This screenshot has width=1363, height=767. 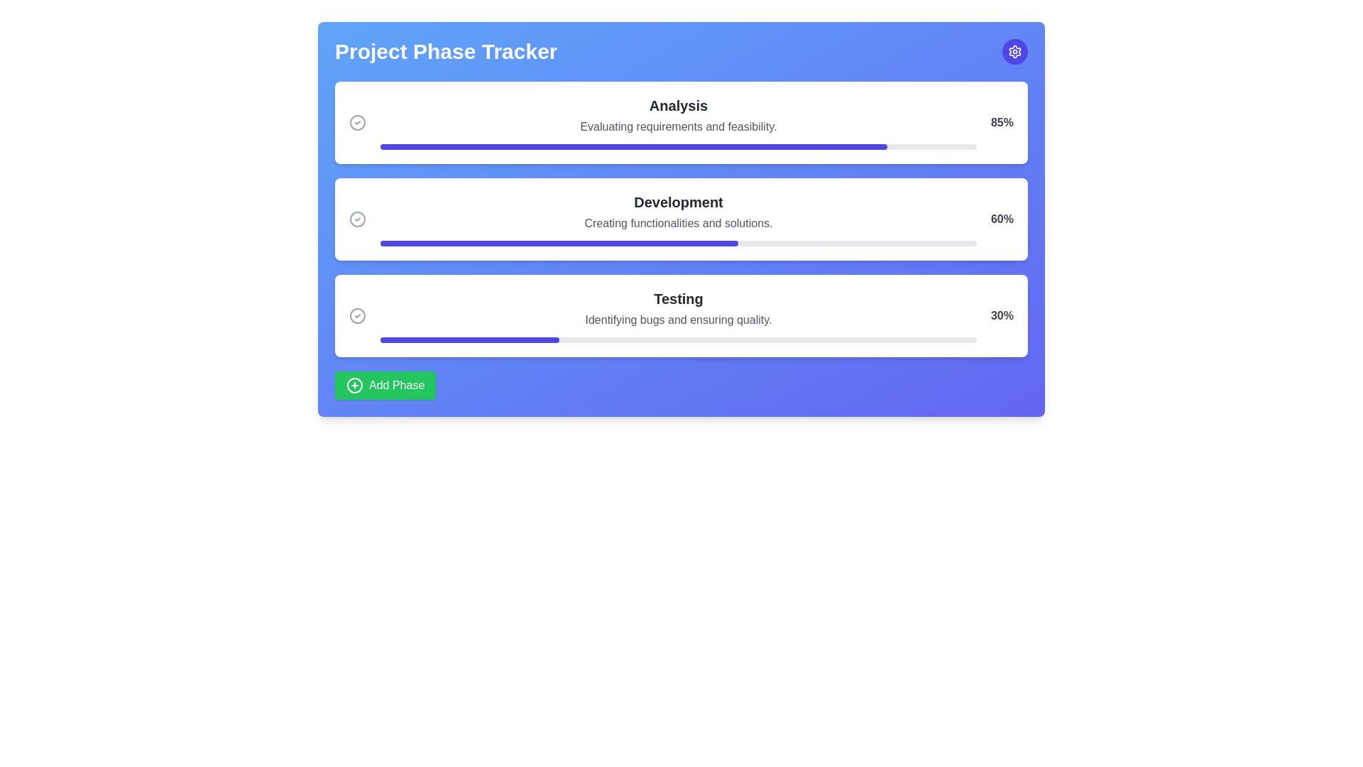 What do you see at coordinates (677, 339) in the screenshot?
I see `the progress indicator of the horizontal progress bar located beneath the text 'Identifying bugs and ensuring quality' in the 'Testing' section, which is the third progress bar from the top` at bounding box center [677, 339].